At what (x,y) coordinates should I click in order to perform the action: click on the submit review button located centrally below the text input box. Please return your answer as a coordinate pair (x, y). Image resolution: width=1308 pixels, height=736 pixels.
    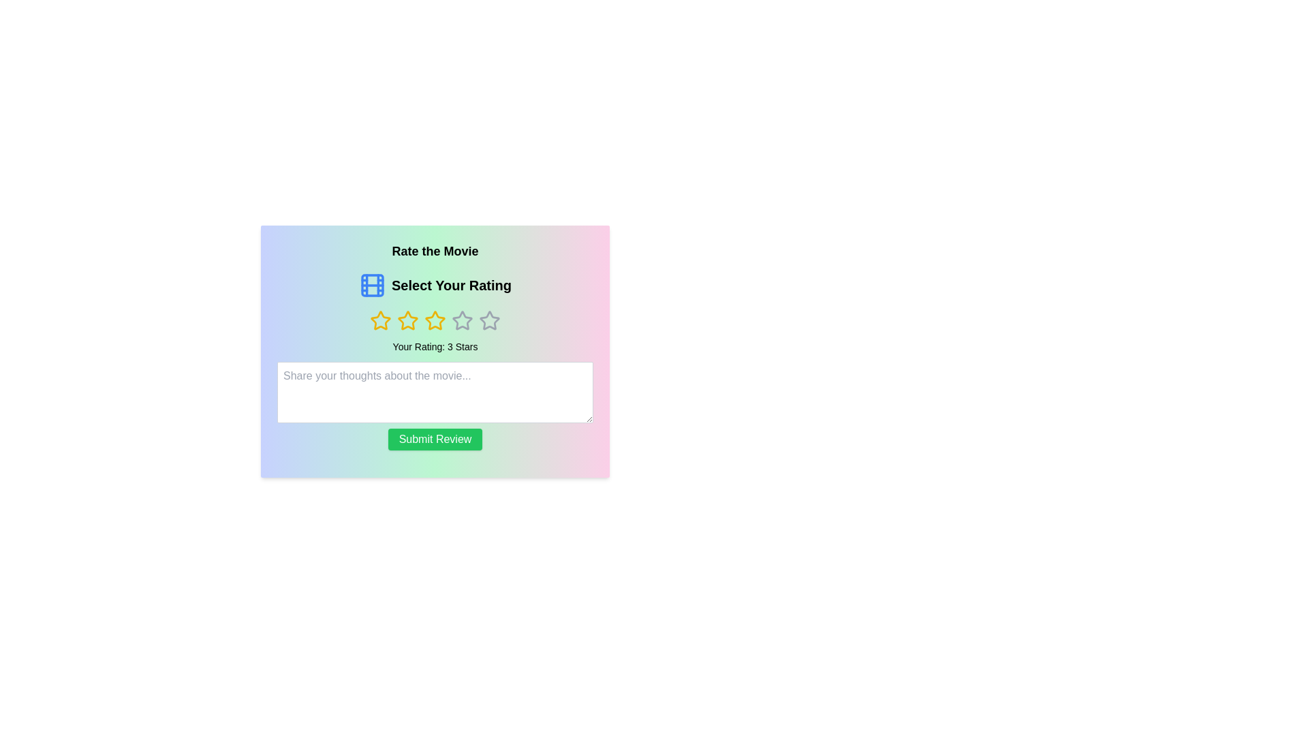
    Looking at the image, I should click on (434, 439).